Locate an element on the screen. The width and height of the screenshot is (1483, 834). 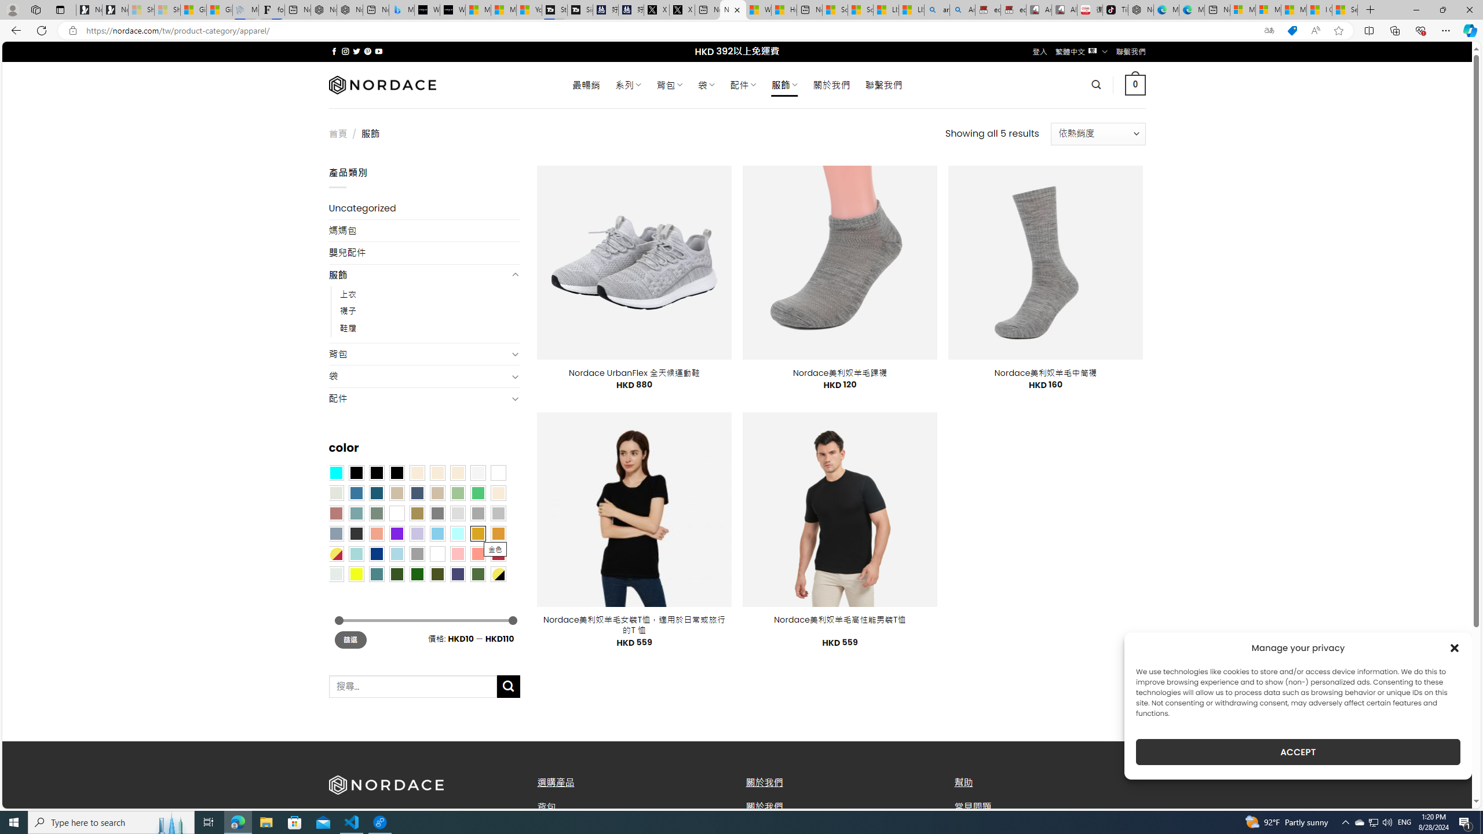
'Dull Nickle' is located at coordinates (335, 573).